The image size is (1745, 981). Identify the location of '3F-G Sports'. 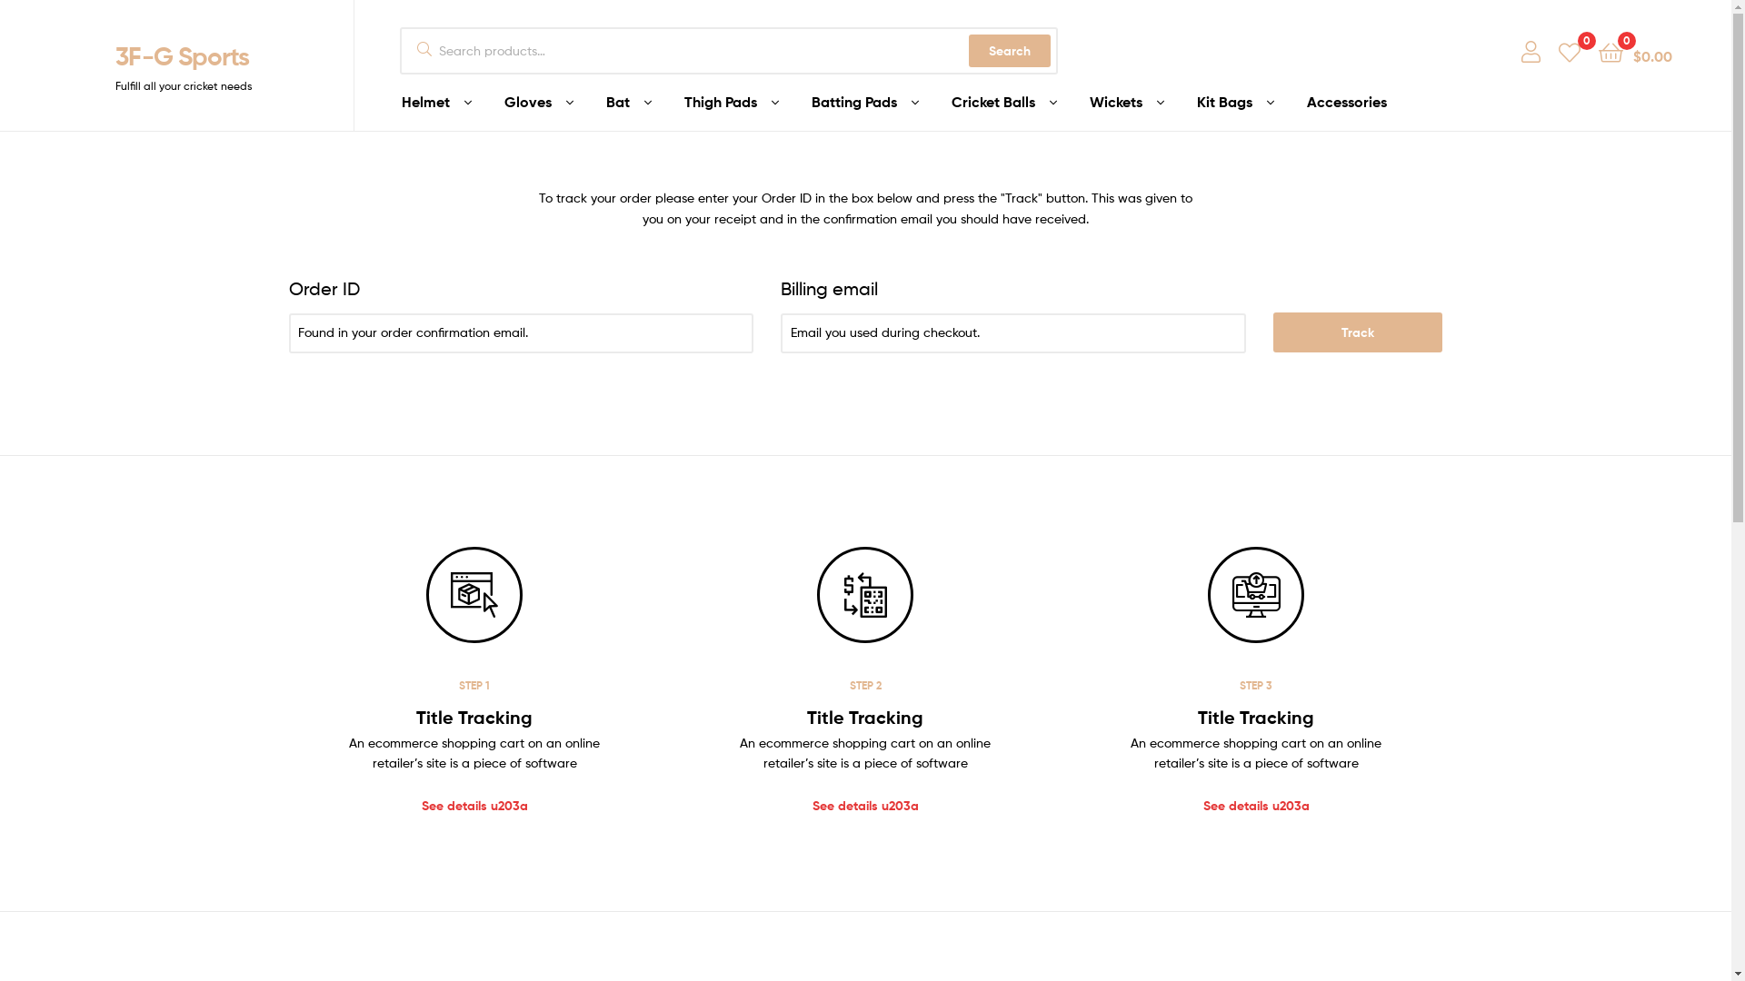
(181, 54).